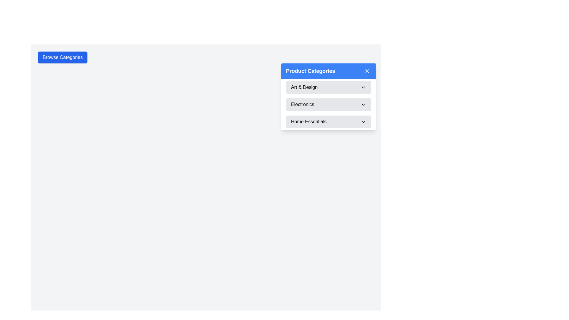 This screenshot has height=320, width=569. What do you see at coordinates (328, 87) in the screenshot?
I see `the first Dropdown menu item in the 'Product Categories' panel` at bounding box center [328, 87].